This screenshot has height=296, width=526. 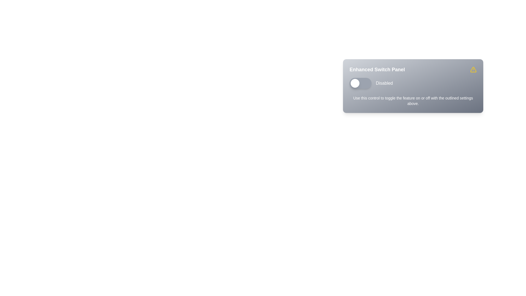 I want to click on the circular knob of the toggle switch, which has a white background and shadowed edge, from its current position on the left, so click(x=355, y=83).